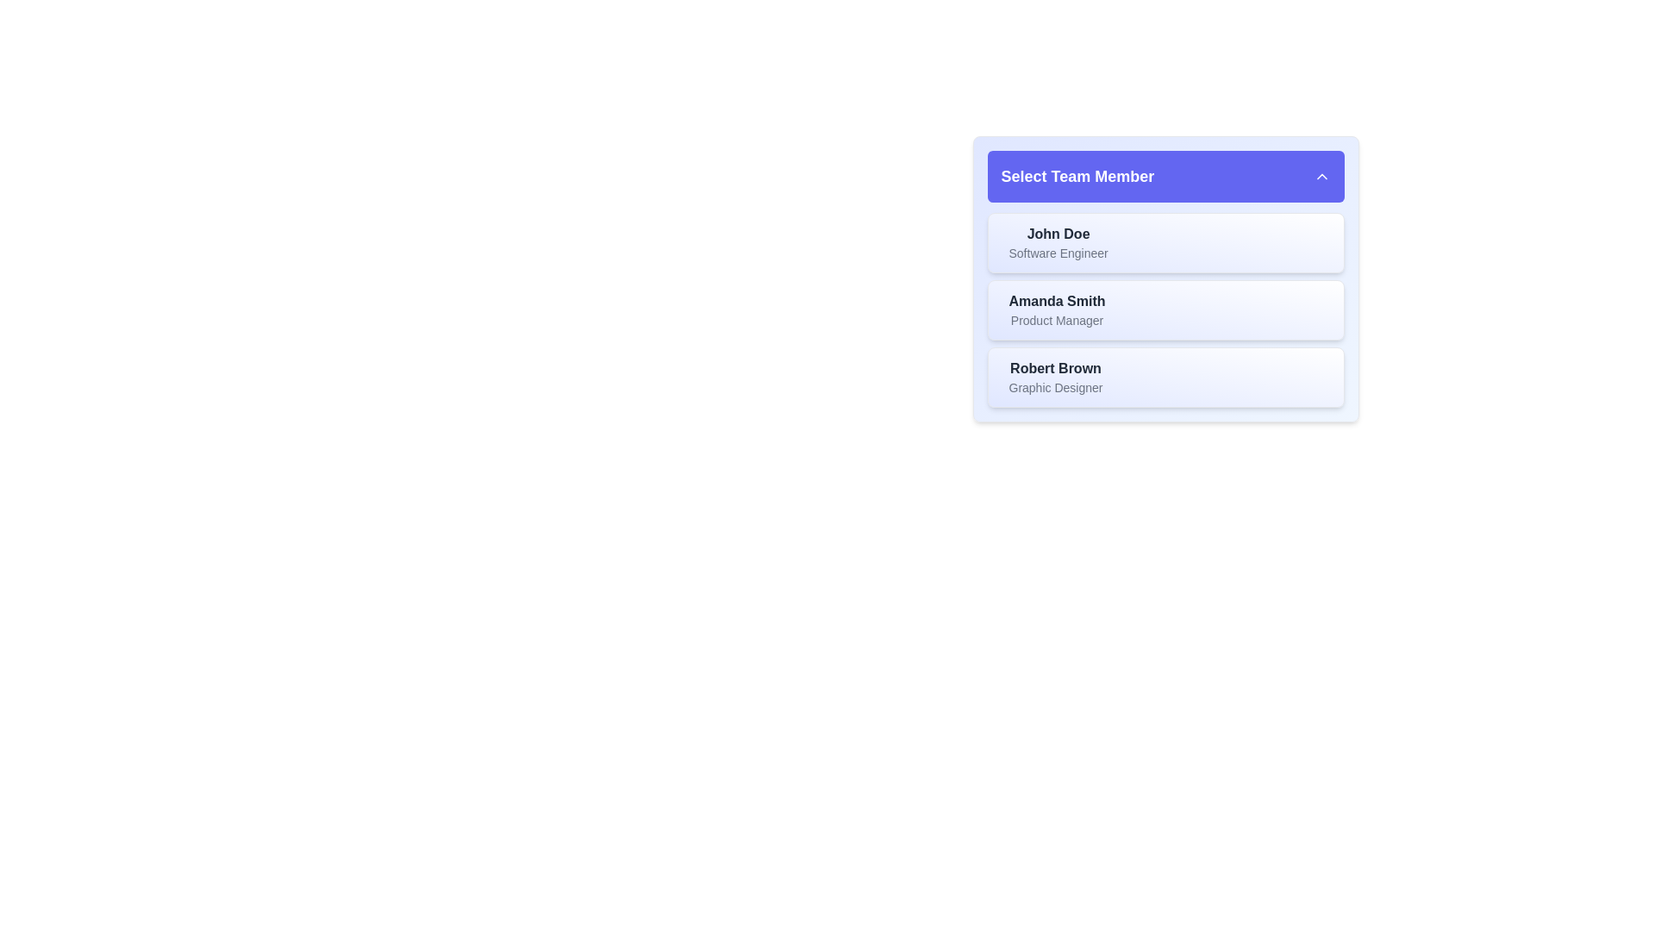 This screenshot has height=931, width=1655. Describe the element at coordinates (1056, 320) in the screenshot. I see `the text label displaying 'Product Manager' located beneath 'Amanda Smith' in the vertical list of team members` at that location.